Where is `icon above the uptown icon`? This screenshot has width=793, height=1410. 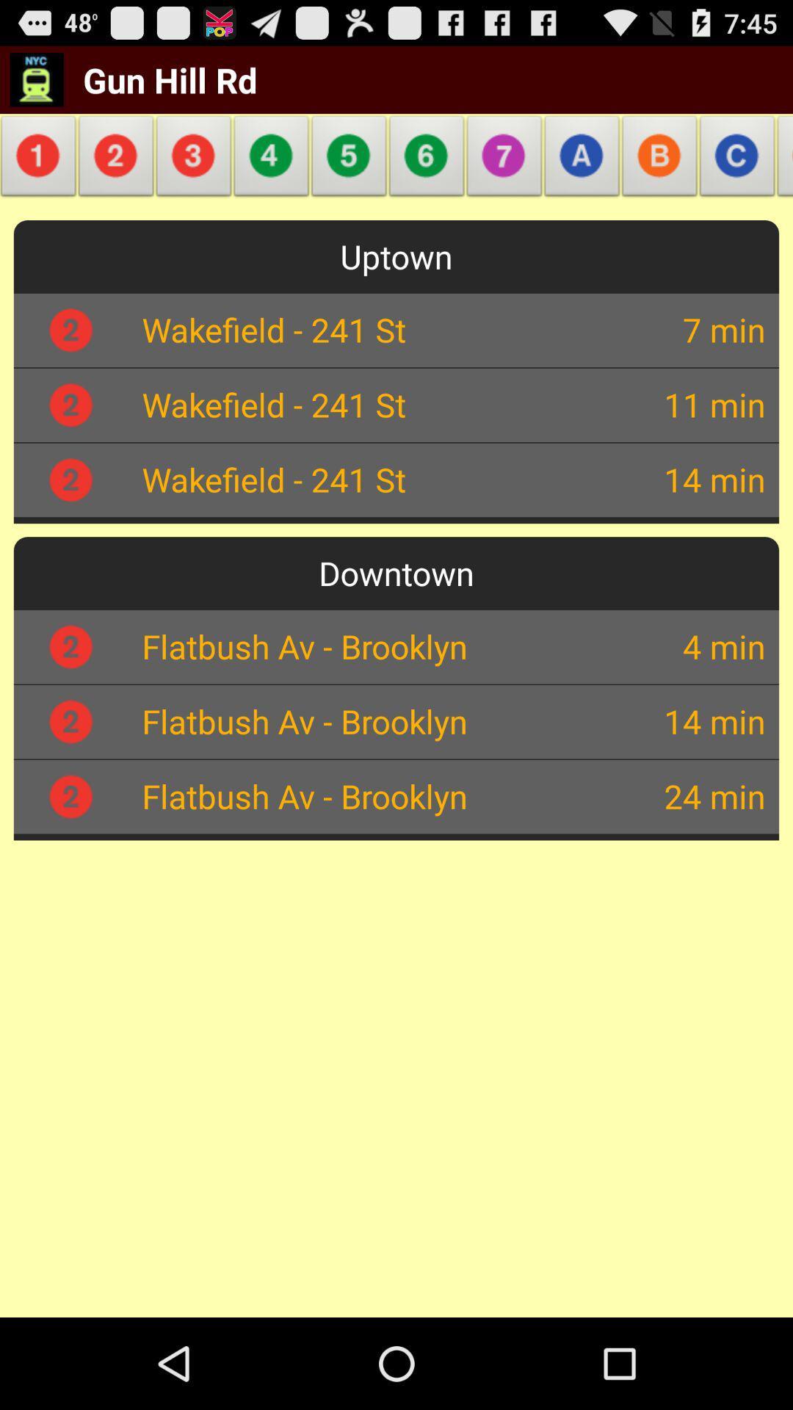
icon above the uptown icon is located at coordinates (781, 160).